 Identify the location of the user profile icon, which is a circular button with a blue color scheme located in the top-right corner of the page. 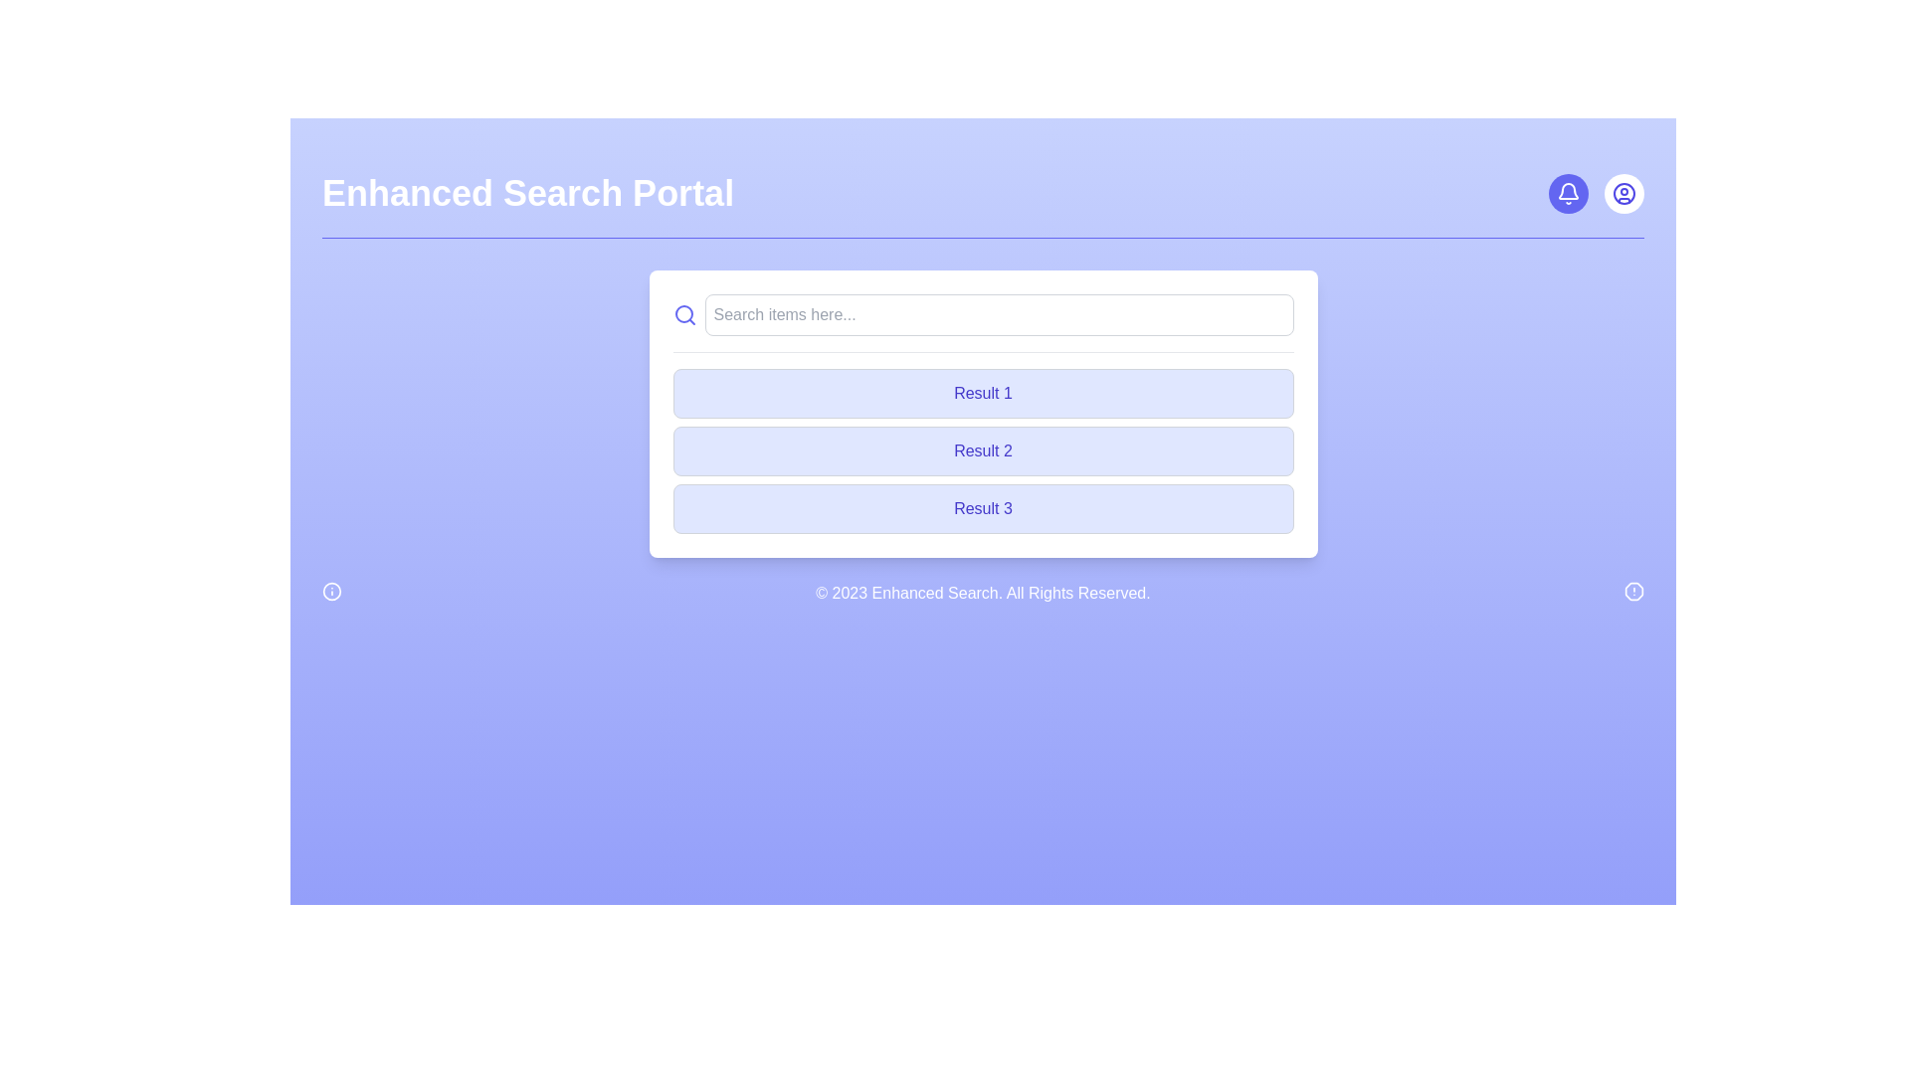
(1623, 194).